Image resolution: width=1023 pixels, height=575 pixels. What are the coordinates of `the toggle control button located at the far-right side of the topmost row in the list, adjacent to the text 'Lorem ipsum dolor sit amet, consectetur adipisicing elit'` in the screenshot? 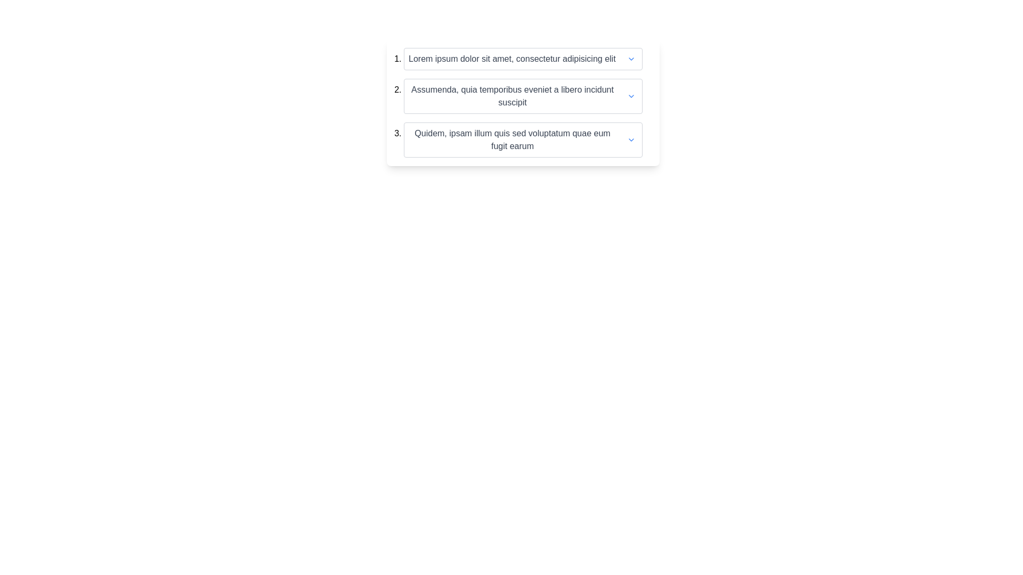 It's located at (631, 59).